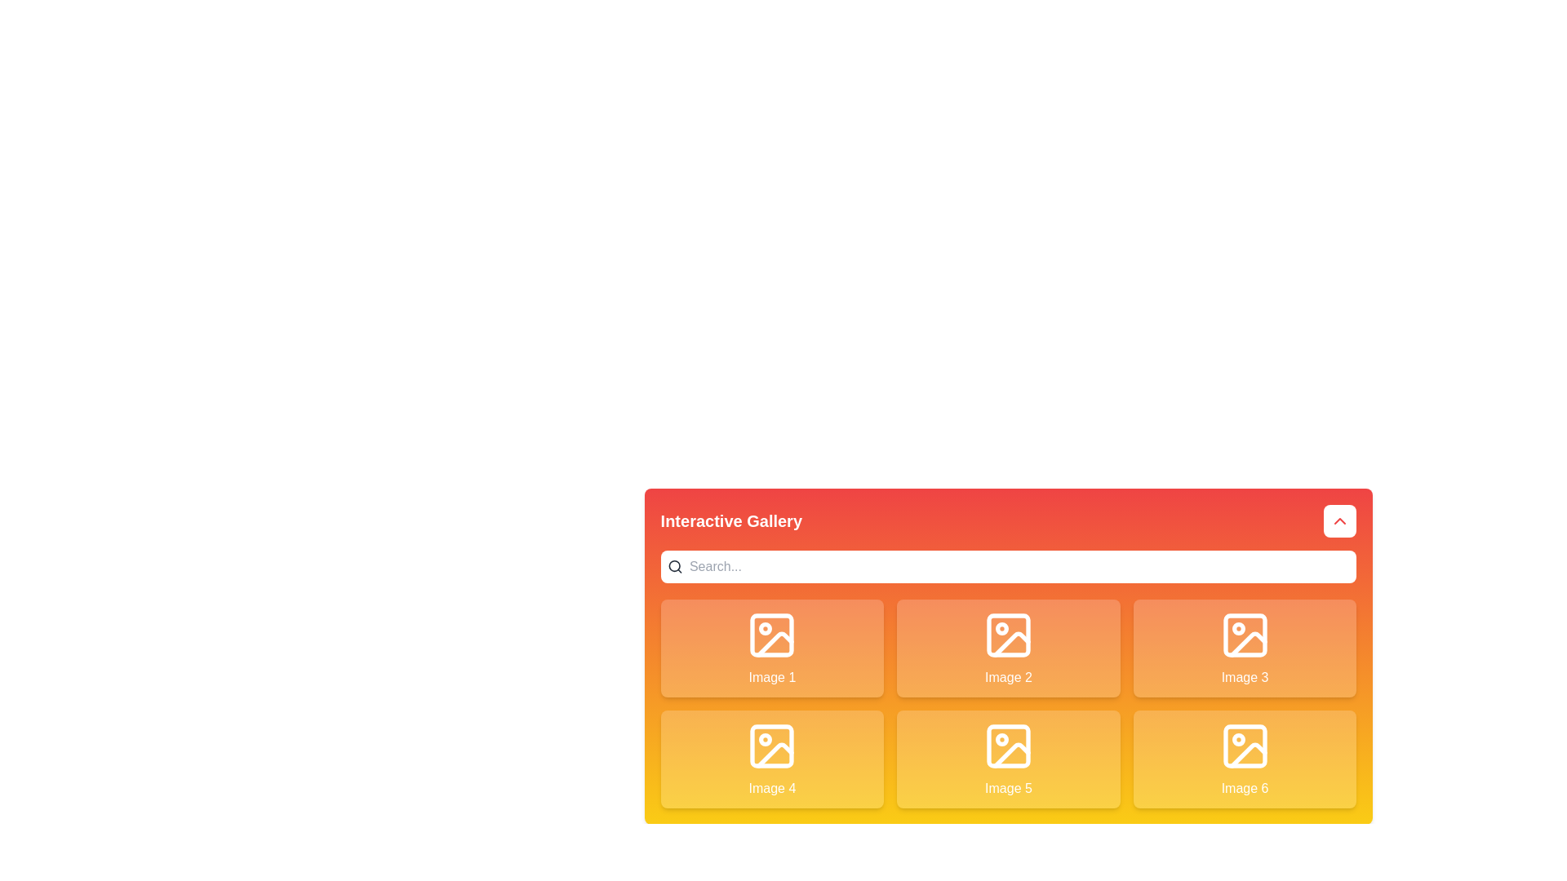  Describe the element at coordinates (1340, 521) in the screenshot. I see `the square button with a white background and red border, featuring an upward-pointing chevron icon, located in the top-right corner of the 'Interactive Gallery' section header` at that location.